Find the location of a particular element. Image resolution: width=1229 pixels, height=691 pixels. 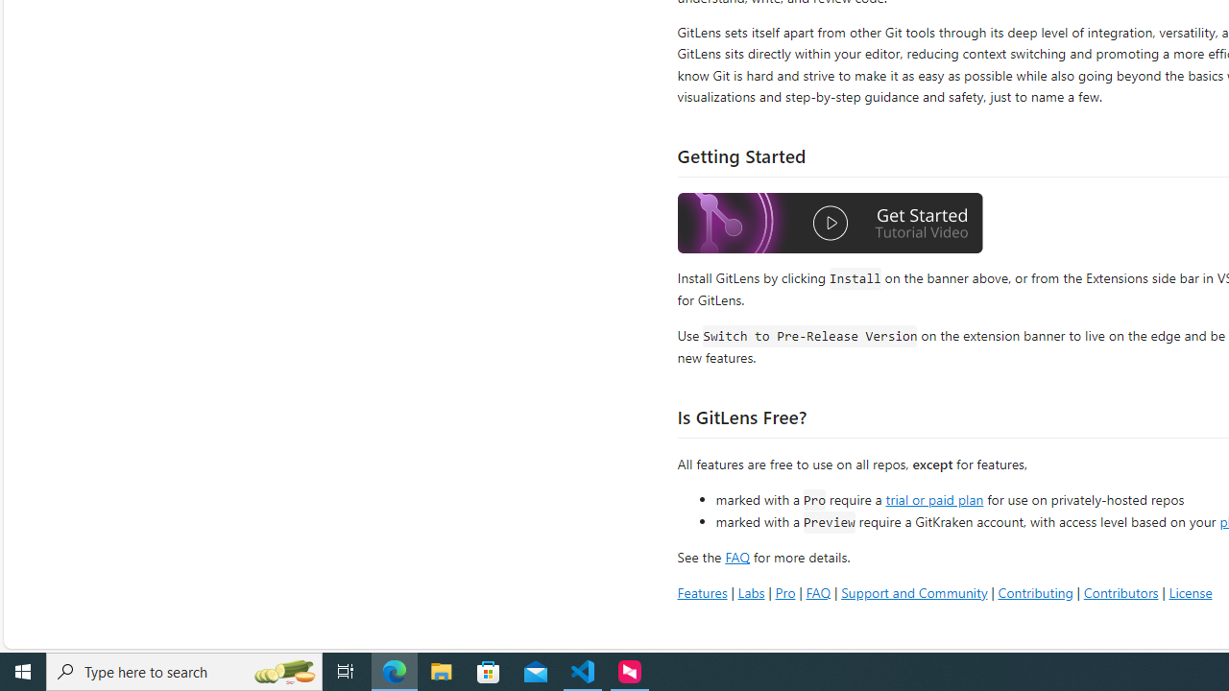

'Labs' is located at coordinates (750, 591).